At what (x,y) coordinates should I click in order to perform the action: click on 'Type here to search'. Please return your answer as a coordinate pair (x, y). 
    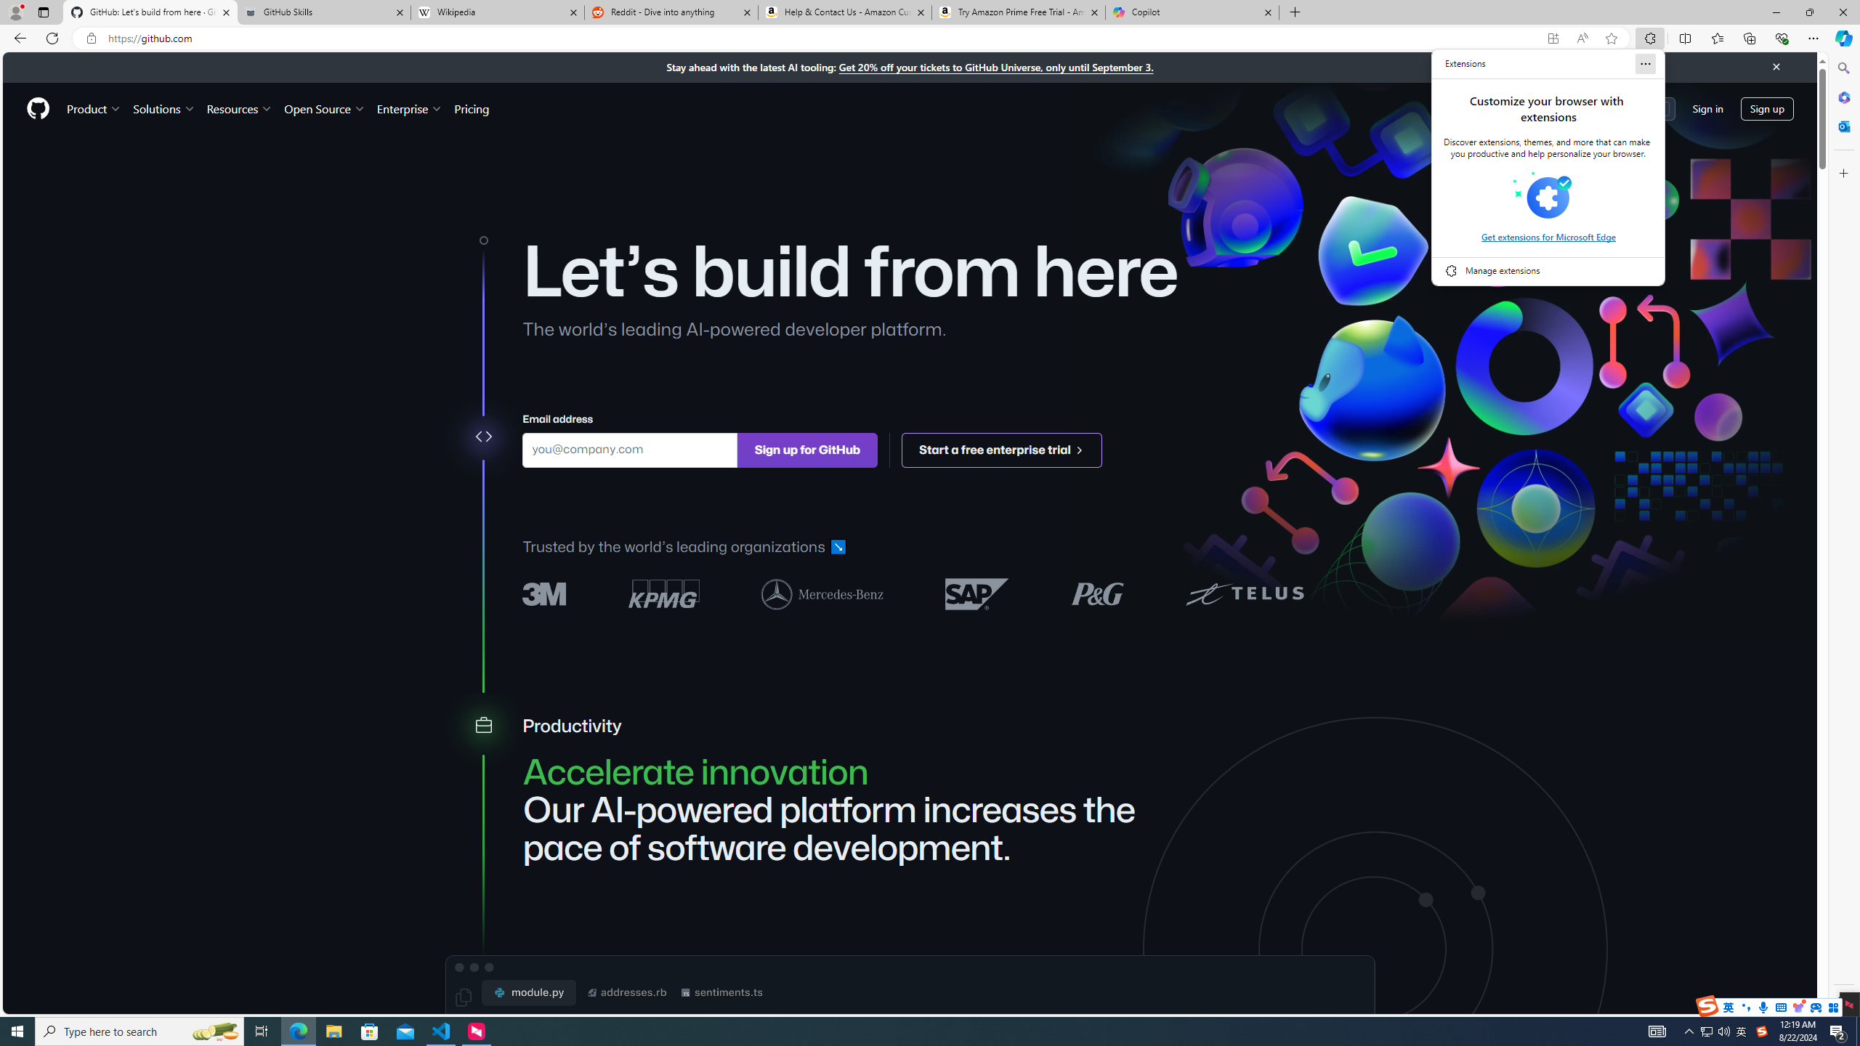
    Looking at the image, I should click on (139, 1030).